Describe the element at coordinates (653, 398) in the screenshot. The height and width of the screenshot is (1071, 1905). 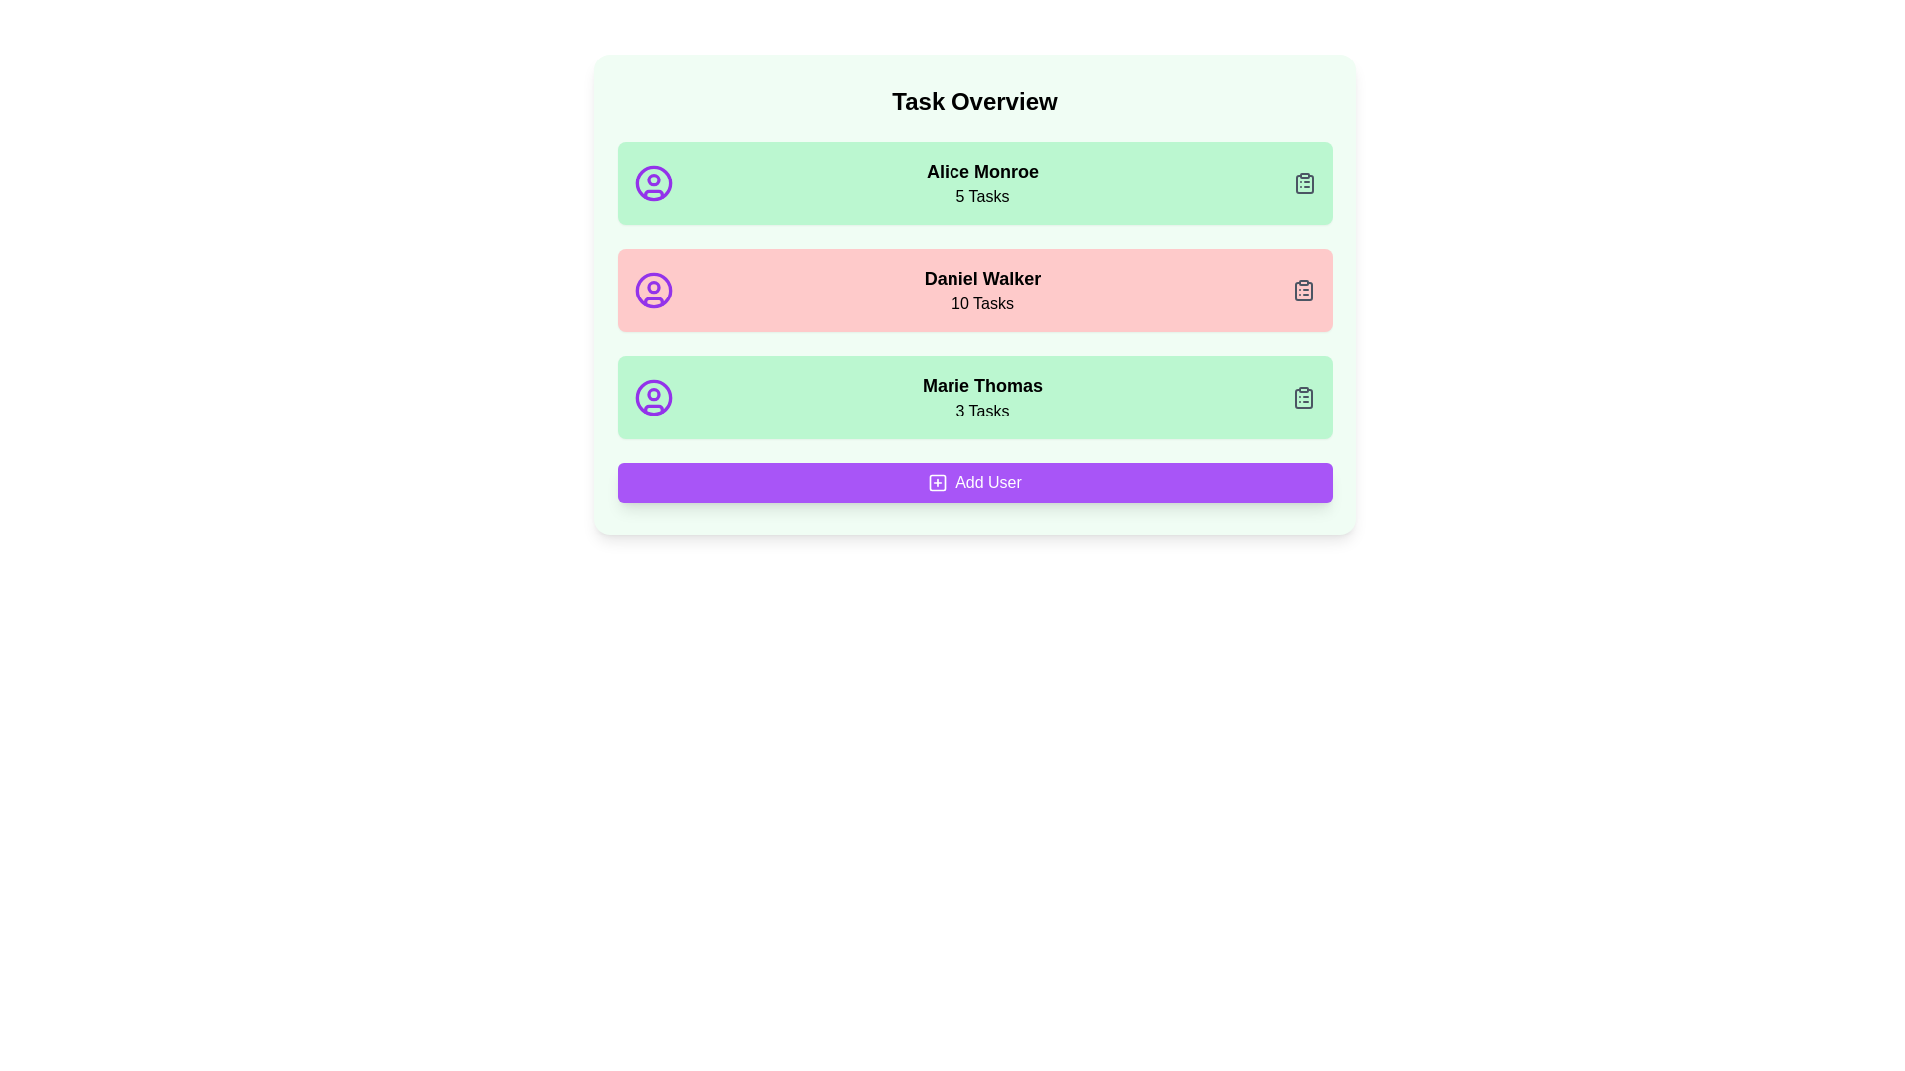
I see `the user detail icon for Marie Thomas to view their details` at that location.